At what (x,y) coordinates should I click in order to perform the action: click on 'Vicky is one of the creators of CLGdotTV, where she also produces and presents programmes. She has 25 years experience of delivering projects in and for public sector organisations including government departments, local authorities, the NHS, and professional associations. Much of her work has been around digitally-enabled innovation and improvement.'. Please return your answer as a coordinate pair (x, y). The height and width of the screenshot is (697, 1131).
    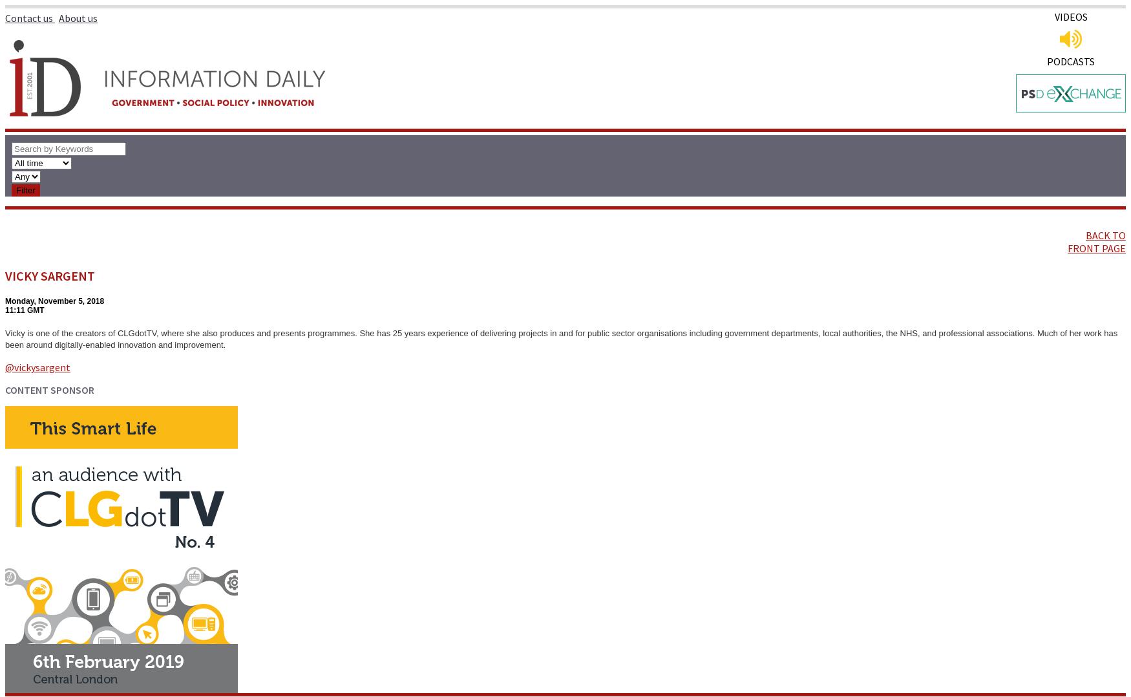
    Looking at the image, I should click on (561, 339).